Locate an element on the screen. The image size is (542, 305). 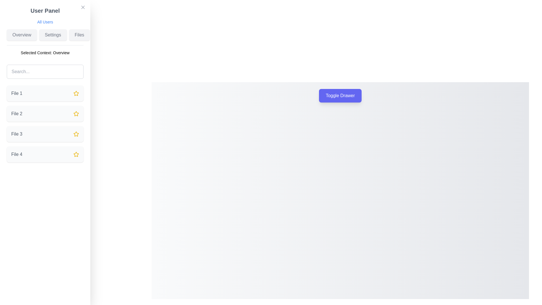
the third card labeled 'File 3' is located at coordinates (45, 134).